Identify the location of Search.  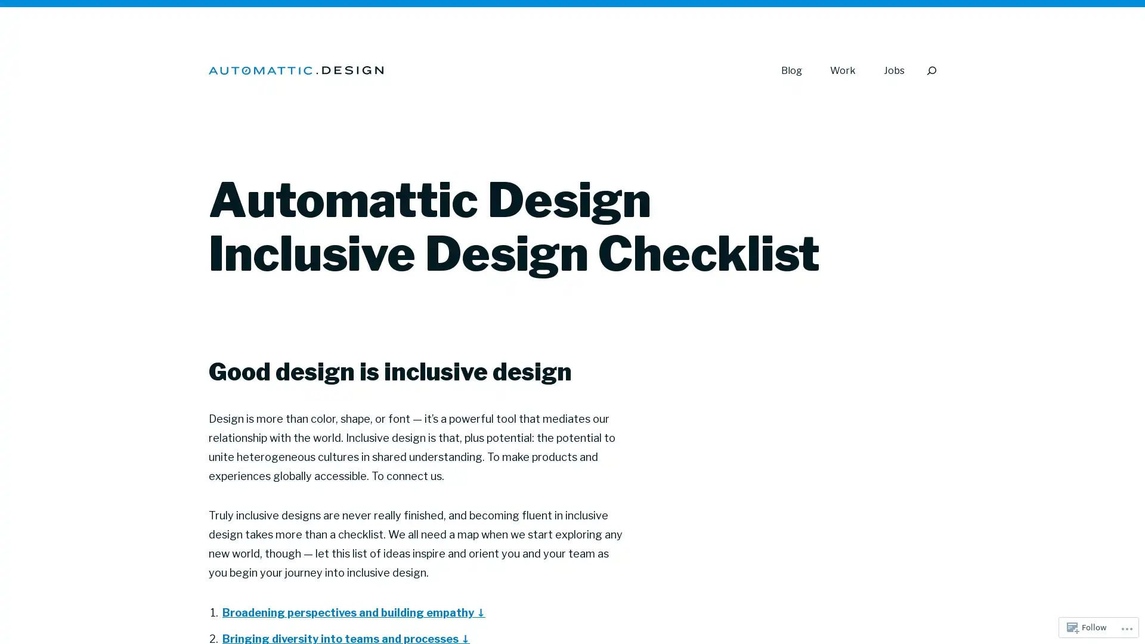
(930, 70).